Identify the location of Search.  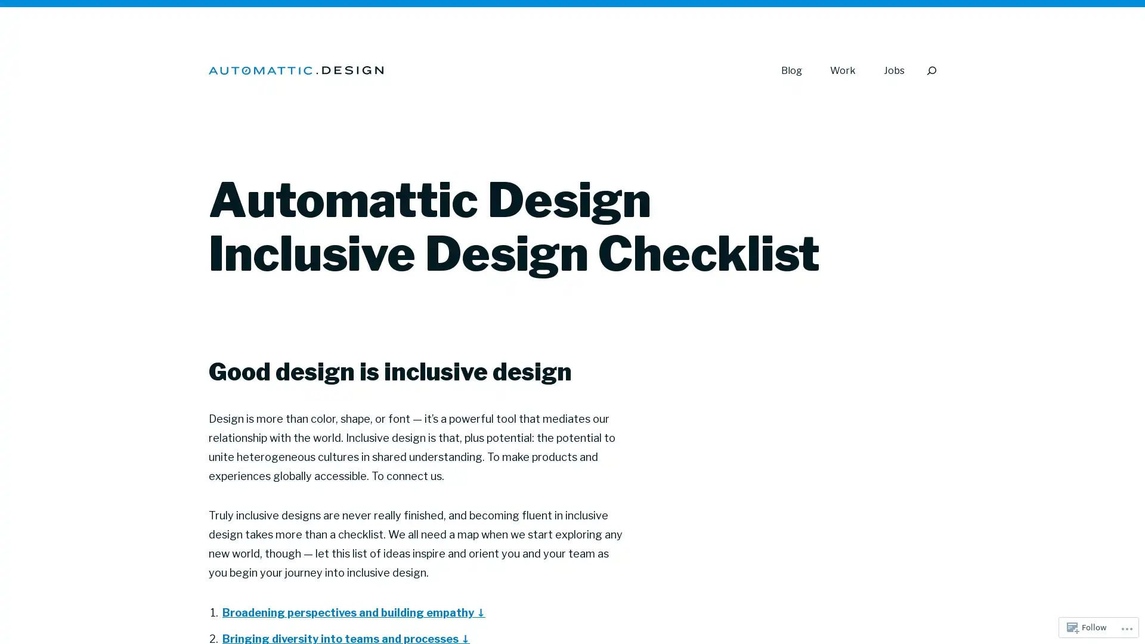
(930, 70).